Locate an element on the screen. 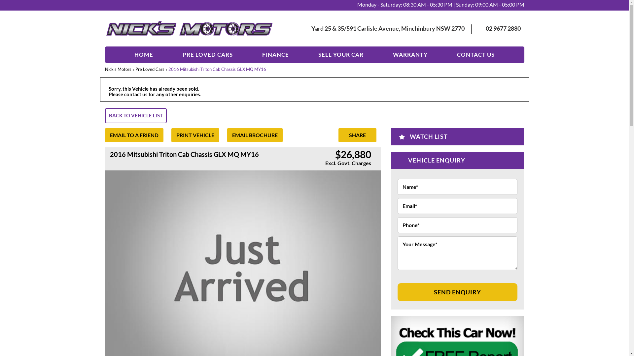 This screenshot has width=634, height=356. 'EMAIL TO A FRIEND' is located at coordinates (134, 135).